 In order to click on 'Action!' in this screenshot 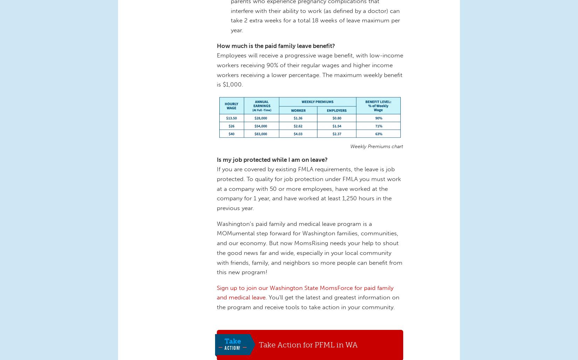, I will do `click(224, 347)`.